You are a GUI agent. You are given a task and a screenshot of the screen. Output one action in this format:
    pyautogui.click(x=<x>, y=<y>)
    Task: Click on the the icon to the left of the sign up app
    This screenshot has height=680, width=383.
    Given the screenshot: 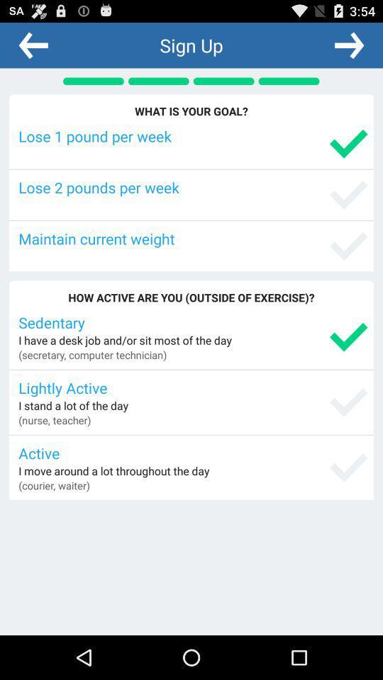 What is the action you would take?
    pyautogui.click(x=33, y=45)
    